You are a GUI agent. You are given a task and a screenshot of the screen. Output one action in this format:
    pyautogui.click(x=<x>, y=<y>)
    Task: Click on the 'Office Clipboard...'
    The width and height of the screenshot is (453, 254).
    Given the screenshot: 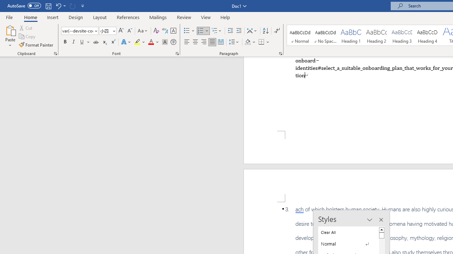 What is the action you would take?
    pyautogui.click(x=55, y=53)
    